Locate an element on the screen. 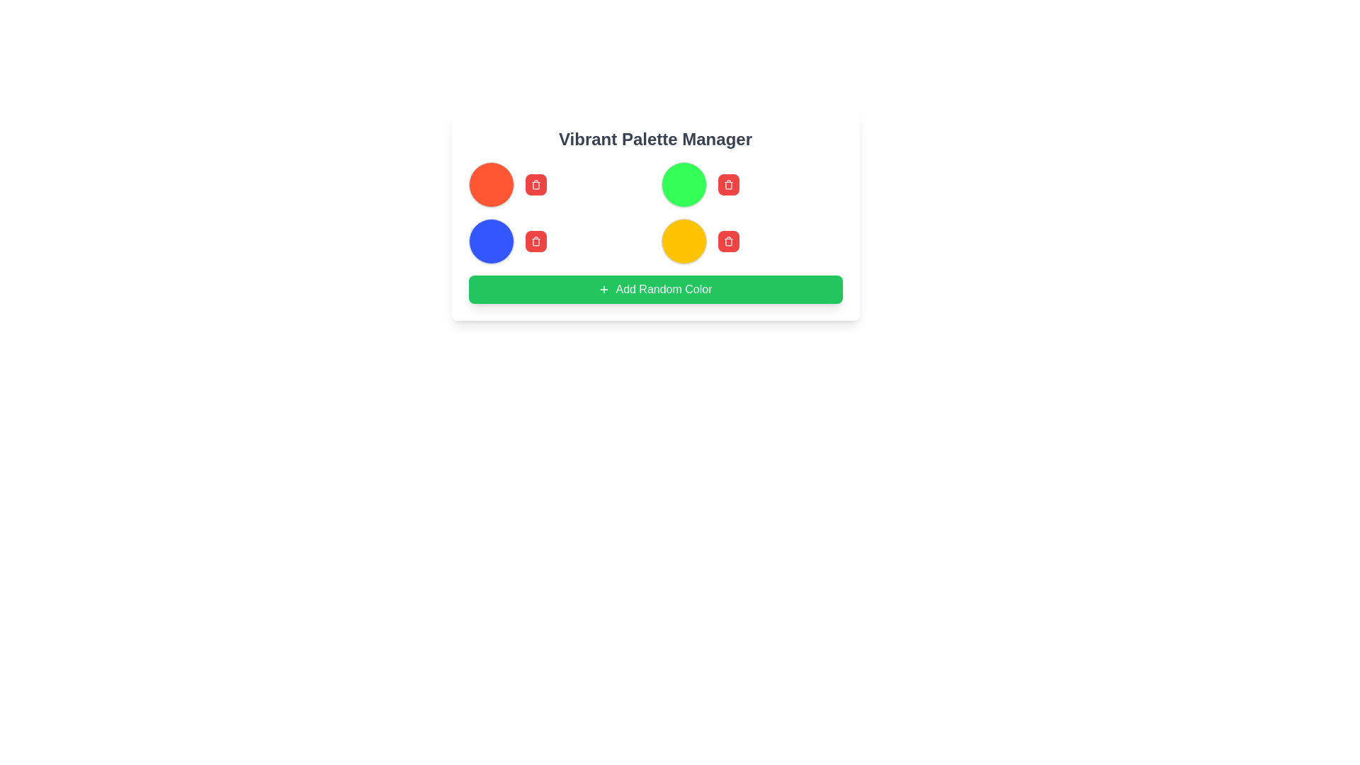 This screenshot has width=1360, height=765. the button located at the bottom of the 'Vibrant Palette Manager' panel is located at coordinates (654, 288).